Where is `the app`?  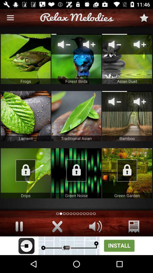
the app is located at coordinates (127, 173).